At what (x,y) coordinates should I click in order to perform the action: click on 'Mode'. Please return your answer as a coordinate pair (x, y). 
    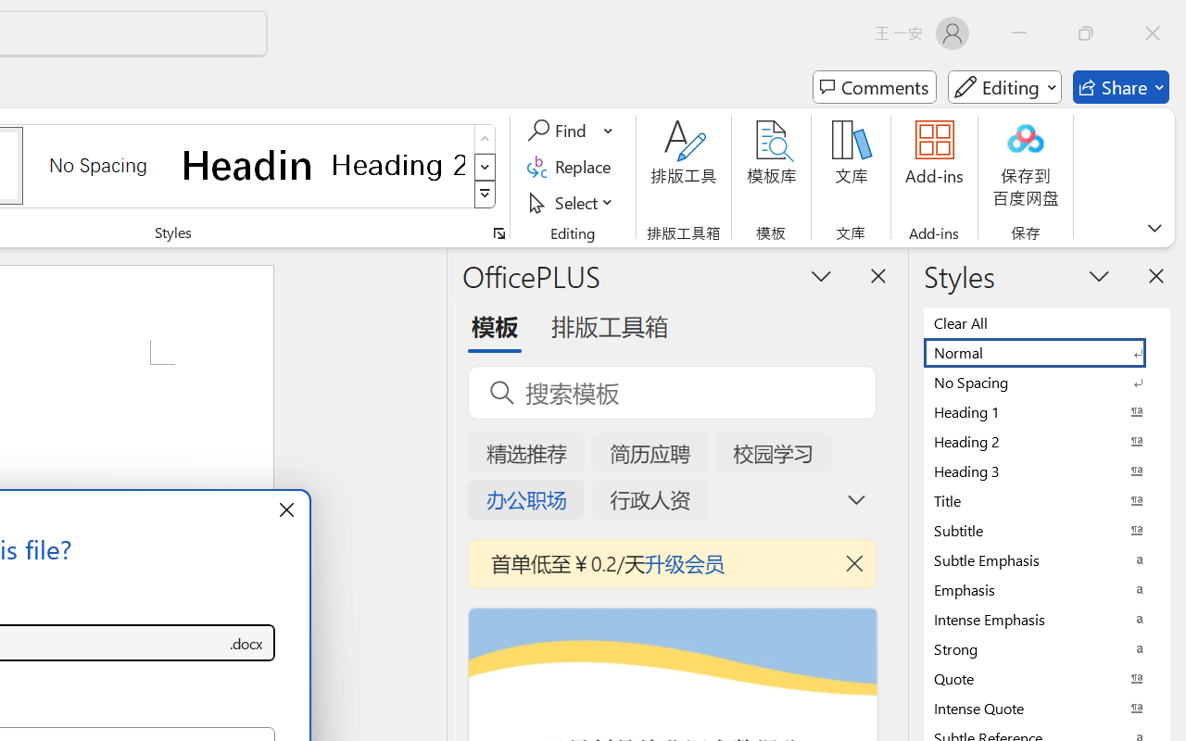
    Looking at the image, I should click on (1003, 87).